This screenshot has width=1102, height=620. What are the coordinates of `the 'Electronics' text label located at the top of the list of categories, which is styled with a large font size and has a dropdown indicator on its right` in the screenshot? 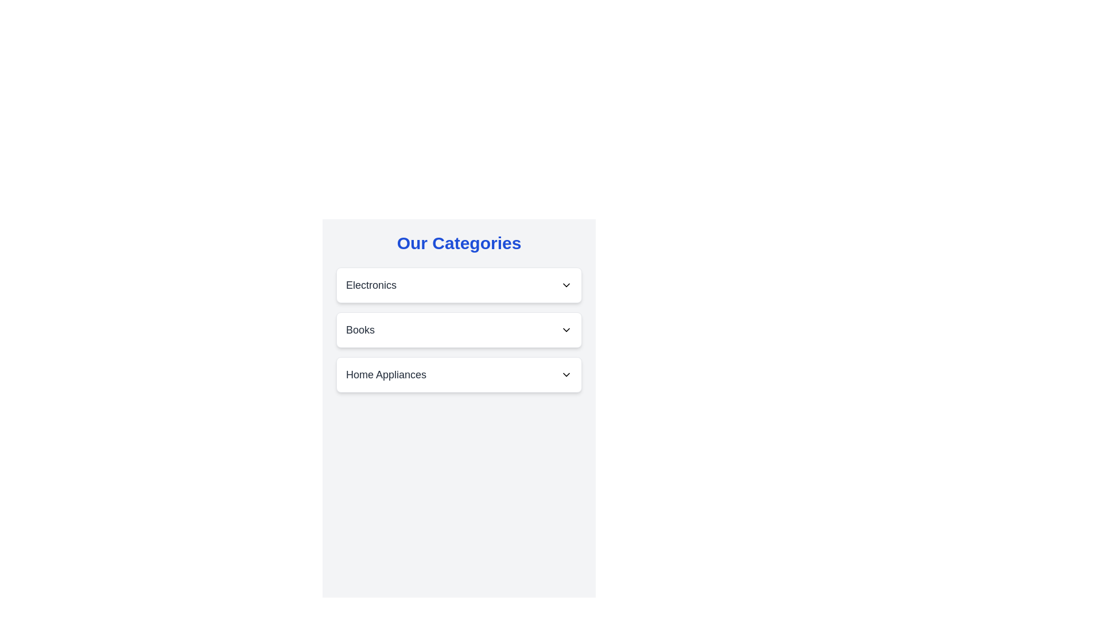 It's located at (371, 285).